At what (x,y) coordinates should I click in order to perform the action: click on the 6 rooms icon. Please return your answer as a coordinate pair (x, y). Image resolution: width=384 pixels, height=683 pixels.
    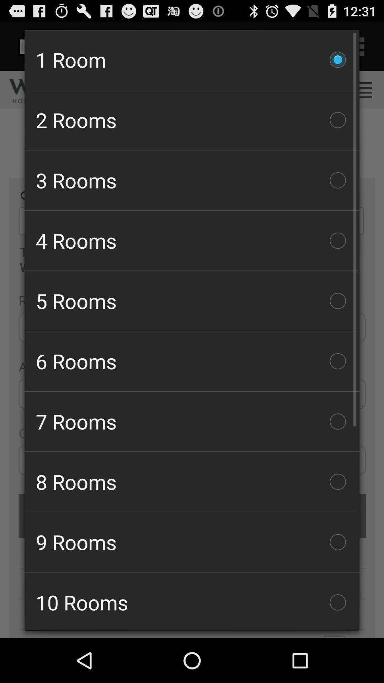
    Looking at the image, I should click on (192, 361).